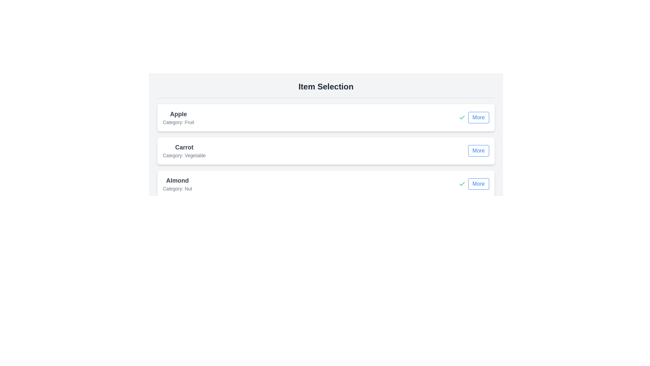  Describe the element at coordinates (178, 122) in the screenshot. I see `the text label displaying 'Category: Fruit', which is a smaller, gray-colored font located directly below the main heading 'Apple' in the vertically-aligned group` at that location.